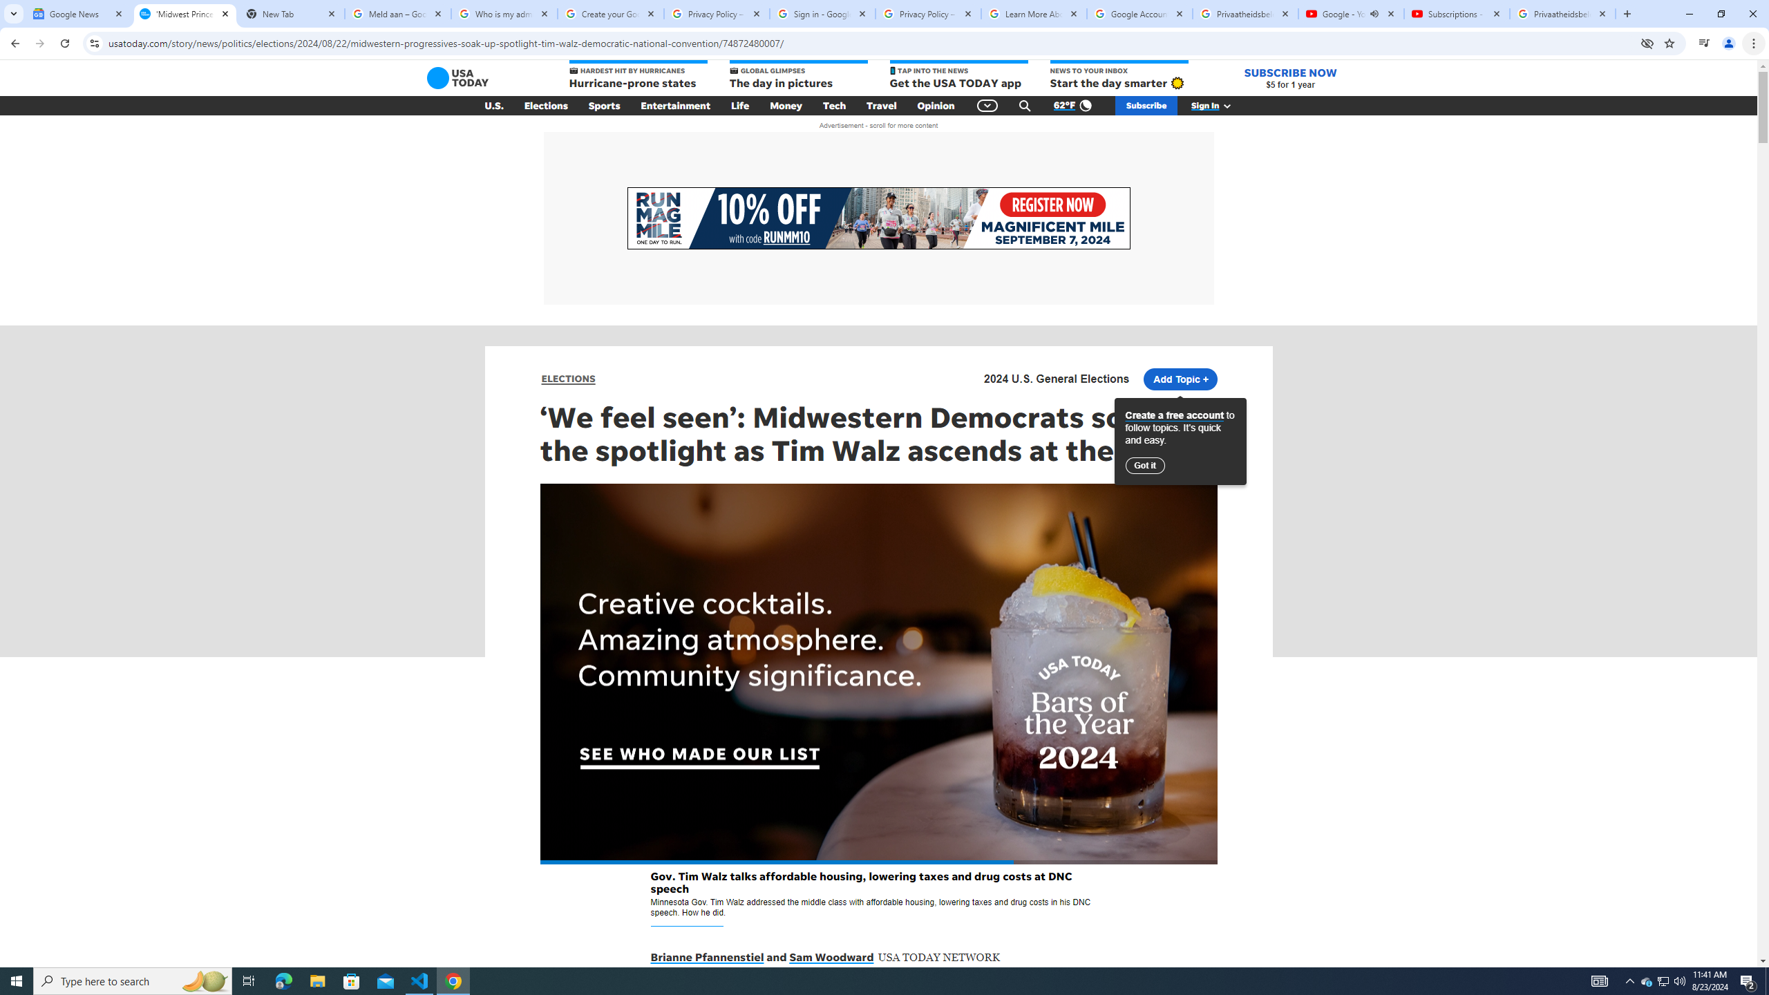 The width and height of the screenshot is (1769, 995). Describe the element at coordinates (1668, 42) in the screenshot. I see `'Bookmark this tab'` at that location.